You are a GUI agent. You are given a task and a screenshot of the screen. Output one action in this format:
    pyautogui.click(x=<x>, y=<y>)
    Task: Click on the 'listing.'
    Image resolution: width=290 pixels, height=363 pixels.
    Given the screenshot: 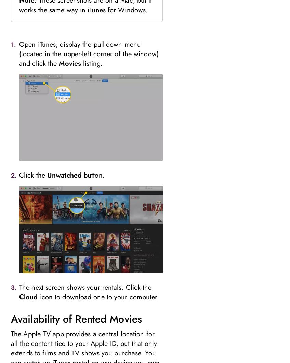 What is the action you would take?
    pyautogui.click(x=91, y=63)
    